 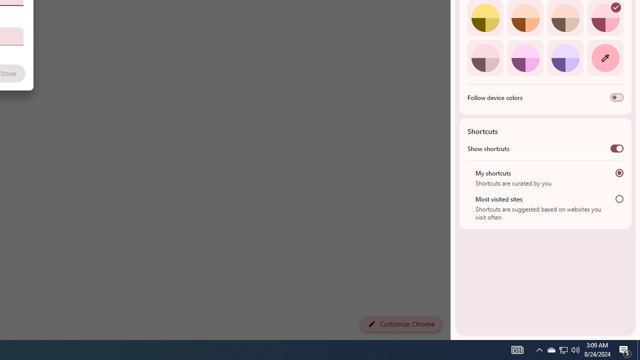 What do you see at coordinates (565, 57) in the screenshot?
I see `'Violet'` at bounding box center [565, 57].